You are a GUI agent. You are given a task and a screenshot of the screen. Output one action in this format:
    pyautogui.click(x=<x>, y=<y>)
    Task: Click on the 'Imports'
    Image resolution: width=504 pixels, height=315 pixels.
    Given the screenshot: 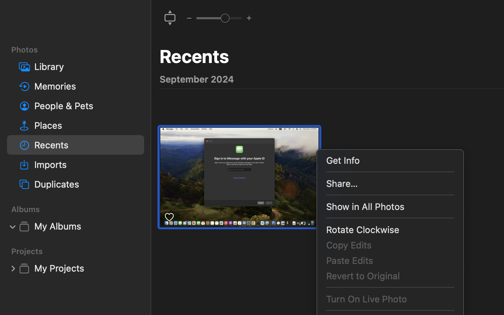 What is the action you would take?
    pyautogui.click(x=86, y=164)
    